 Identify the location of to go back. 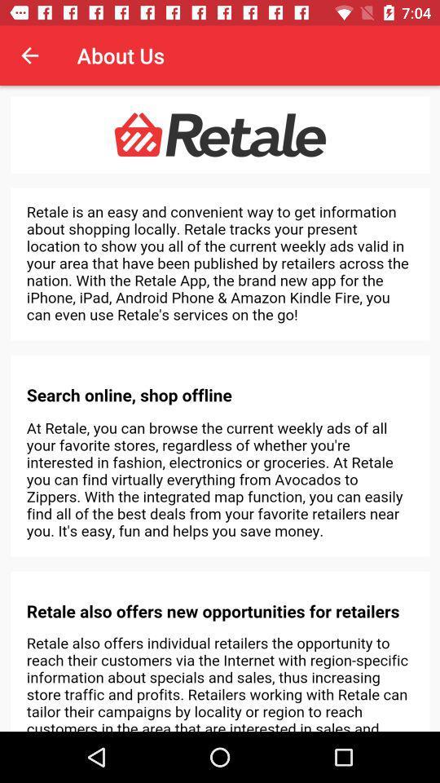
(29, 55).